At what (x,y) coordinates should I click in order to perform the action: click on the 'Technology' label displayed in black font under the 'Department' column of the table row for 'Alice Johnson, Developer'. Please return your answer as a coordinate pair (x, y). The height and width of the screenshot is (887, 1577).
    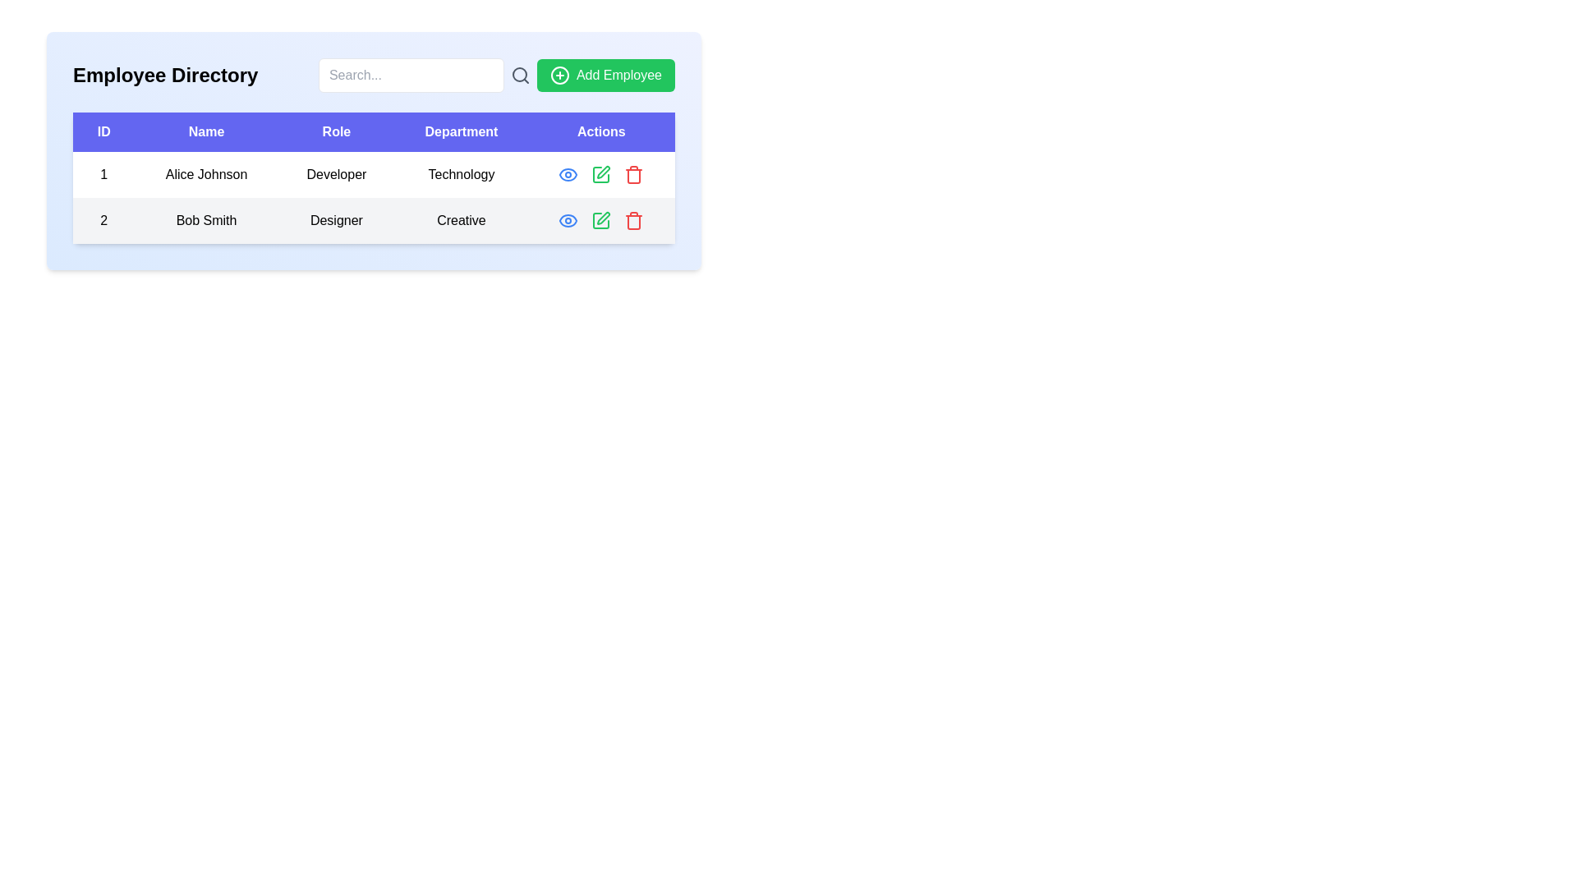
    Looking at the image, I should click on (460, 174).